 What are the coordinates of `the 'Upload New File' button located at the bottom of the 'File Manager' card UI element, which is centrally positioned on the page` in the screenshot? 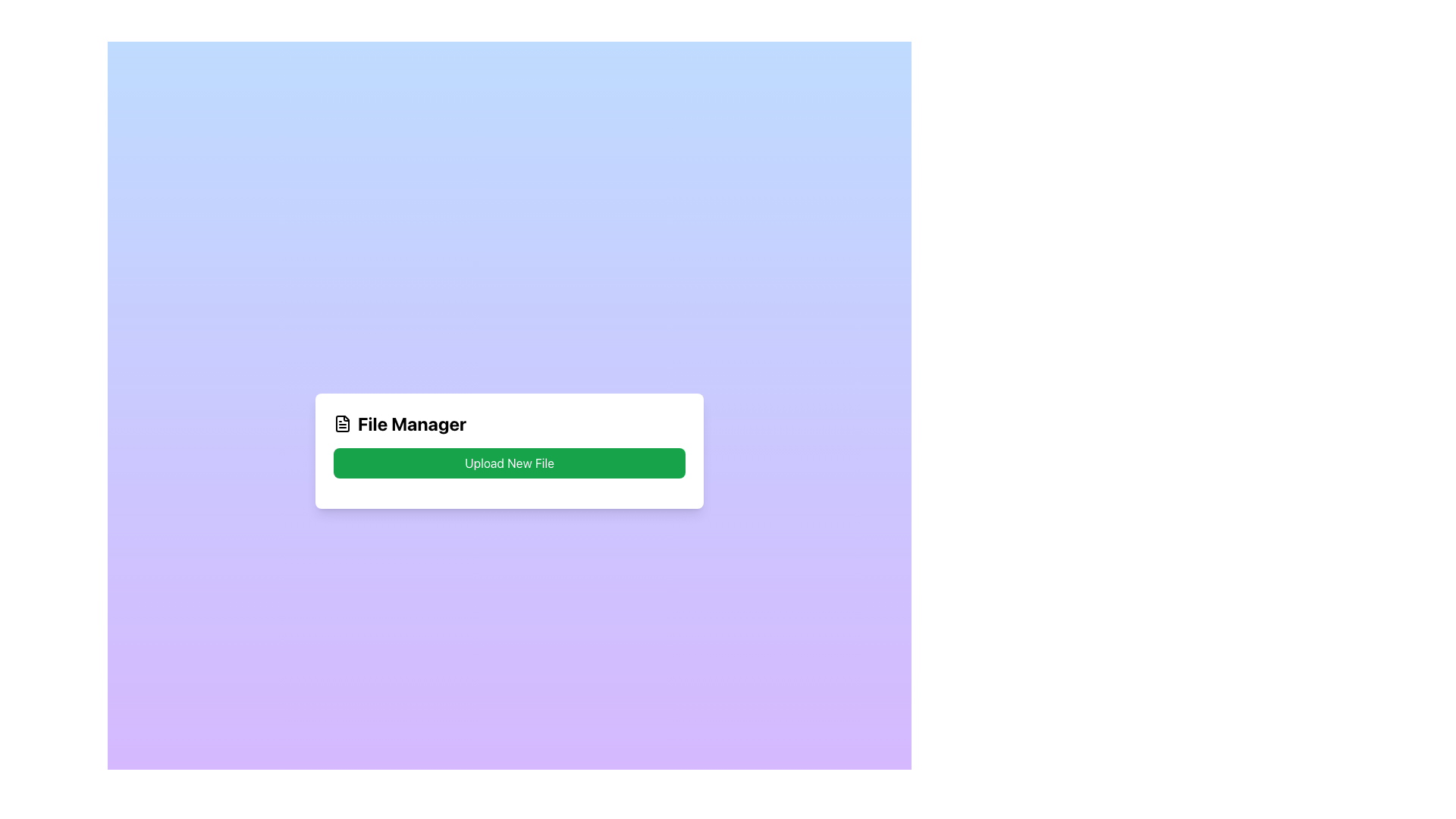 It's located at (510, 450).